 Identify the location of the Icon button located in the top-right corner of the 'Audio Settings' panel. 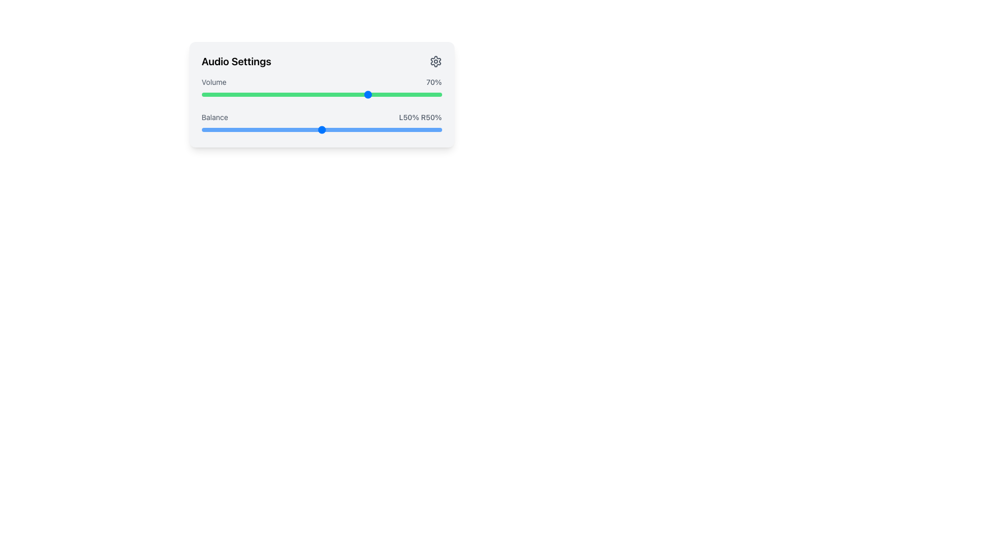
(435, 62).